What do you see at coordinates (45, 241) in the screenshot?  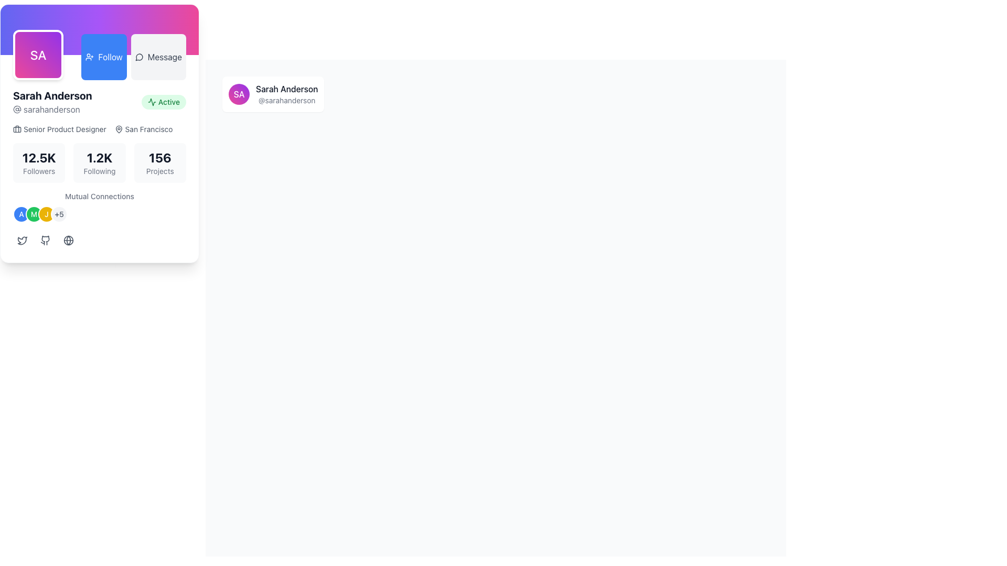 I see `the GitHub icon button located below the 'Mutual Connections' section, which is the second icon in the group of icons` at bounding box center [45, 241].